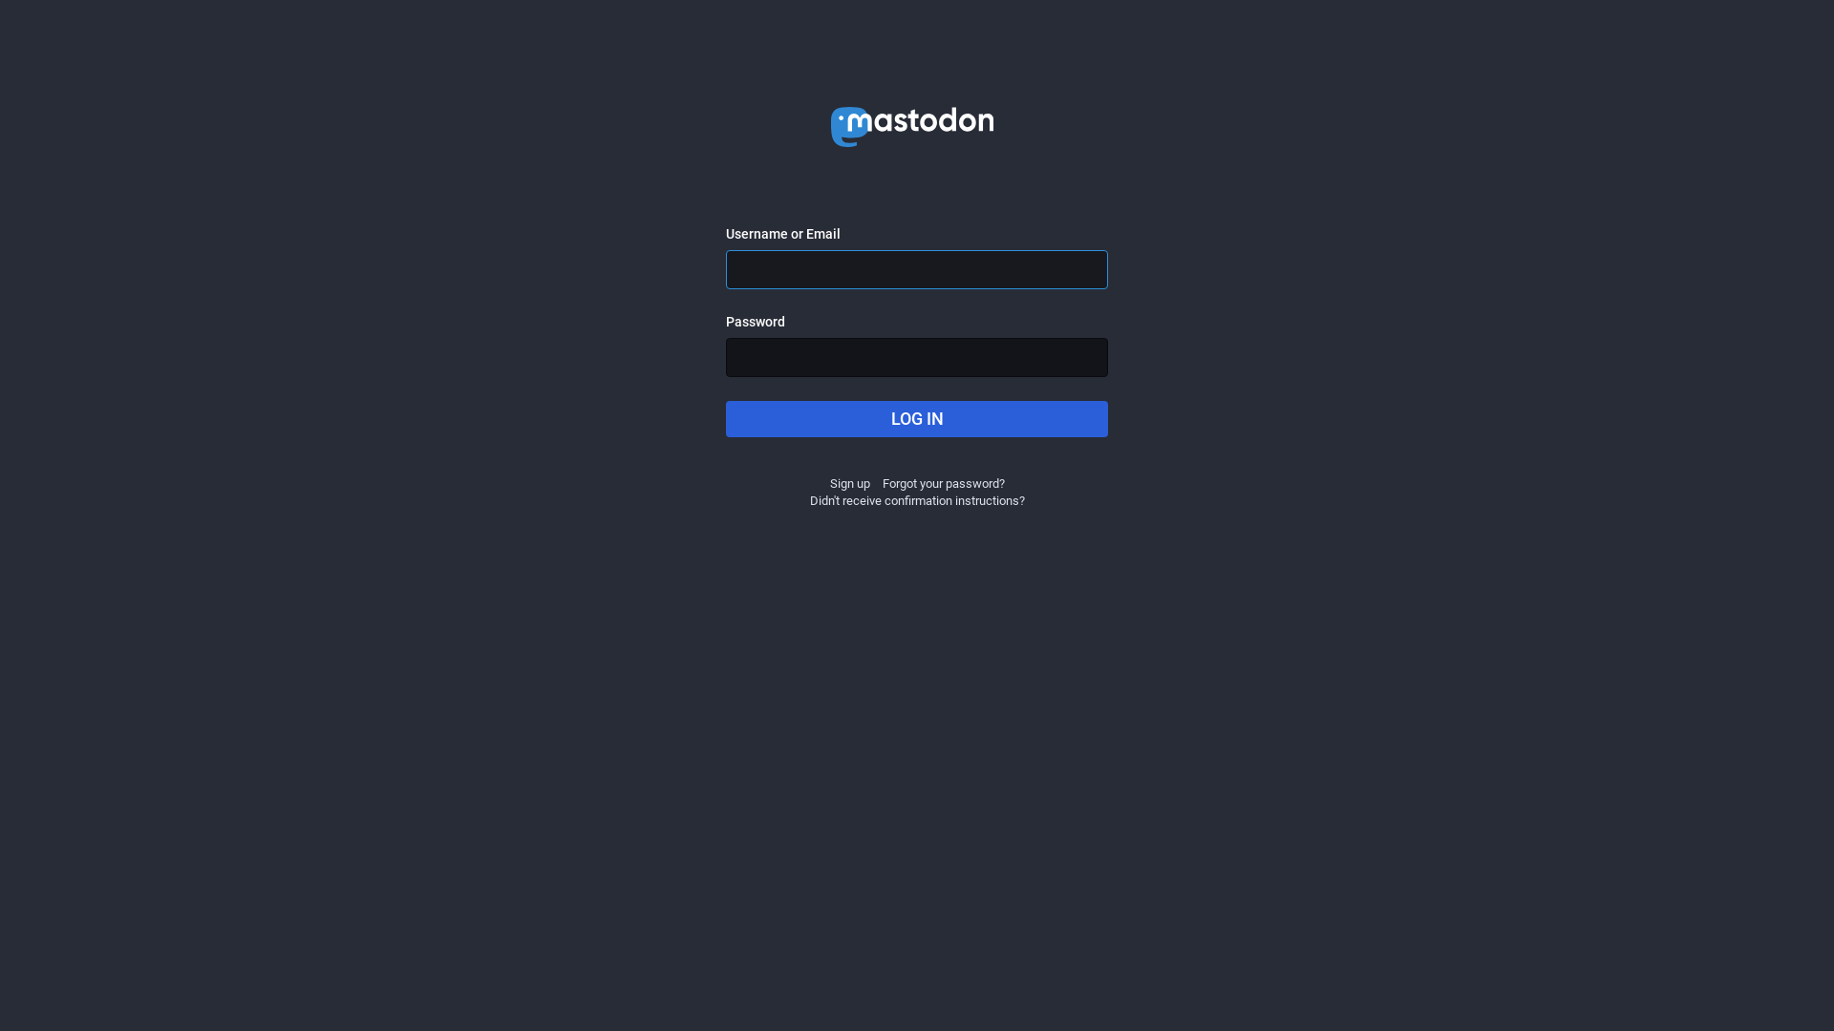 The height and width of the screenshot is (1031, 1834). Describe the element at coordinates (944, 482) in the screenshot. I see `'Forgot your password?'` at that location.